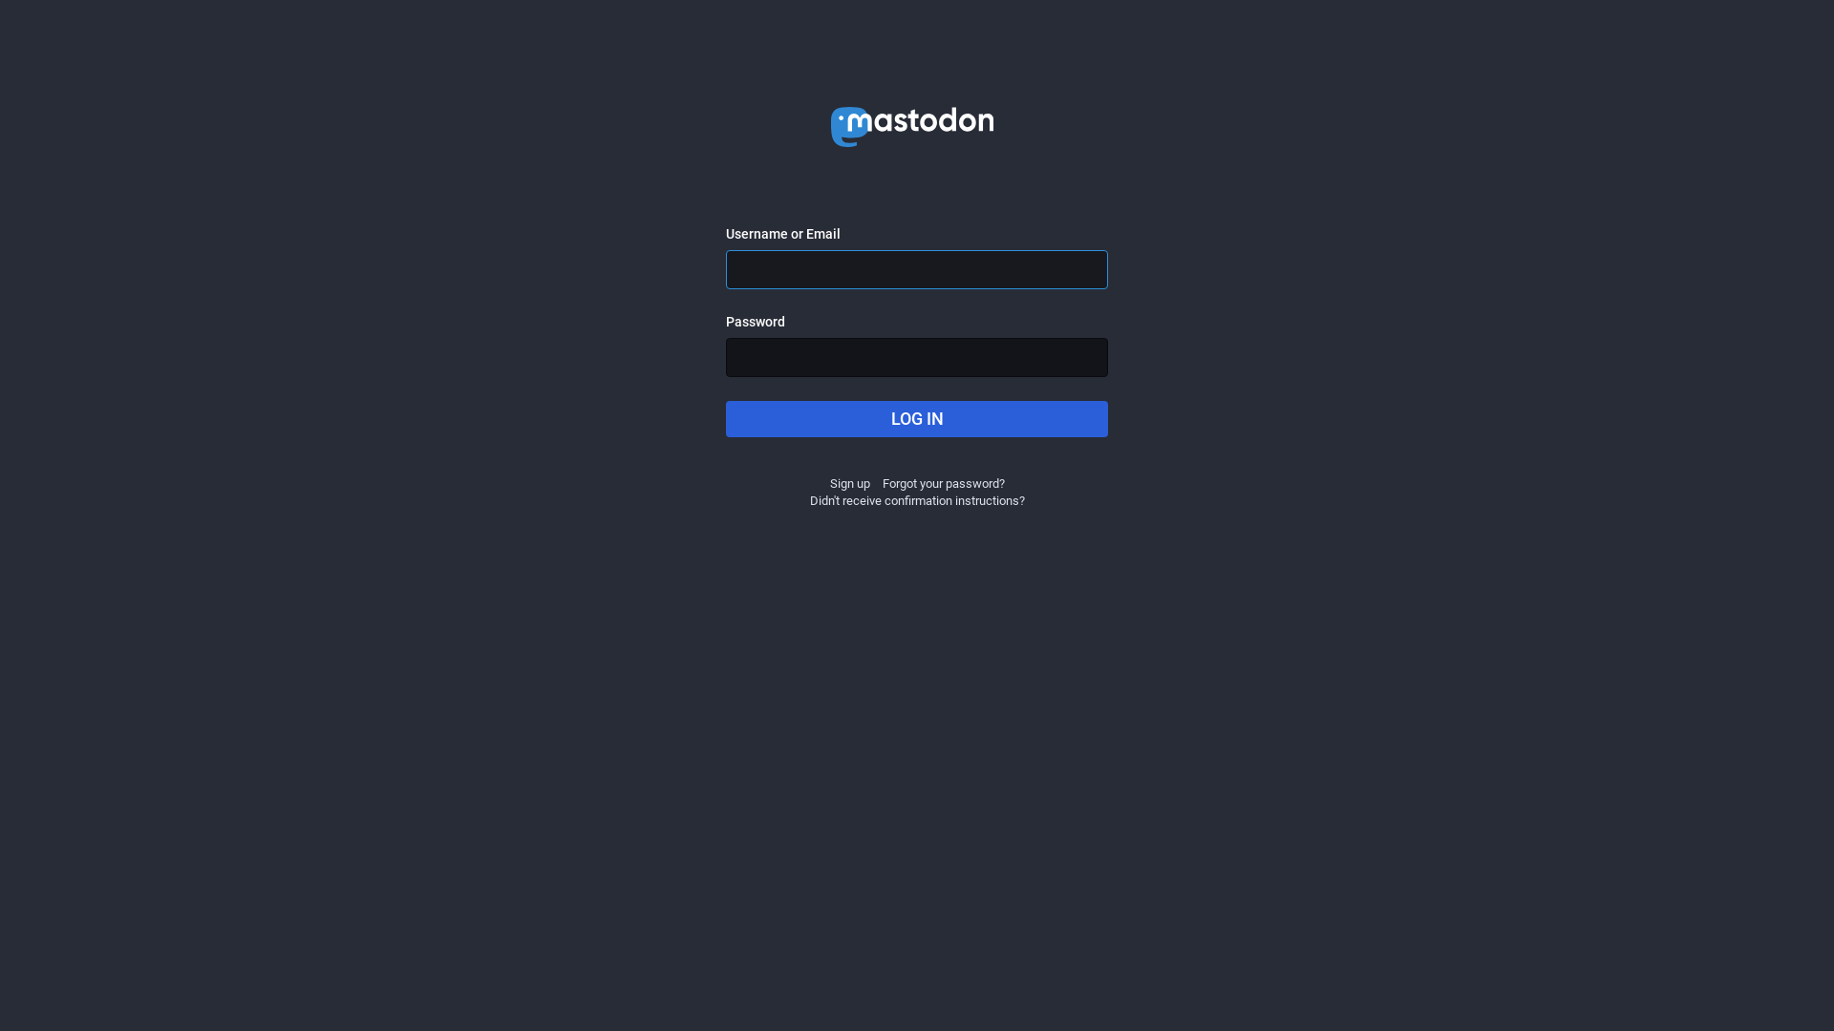 The height and width of the screenshot is (1031, 1834). Describe the element at coordinates (944, 482) in the screenshot. I see `'Forgot your password?'` at that location.